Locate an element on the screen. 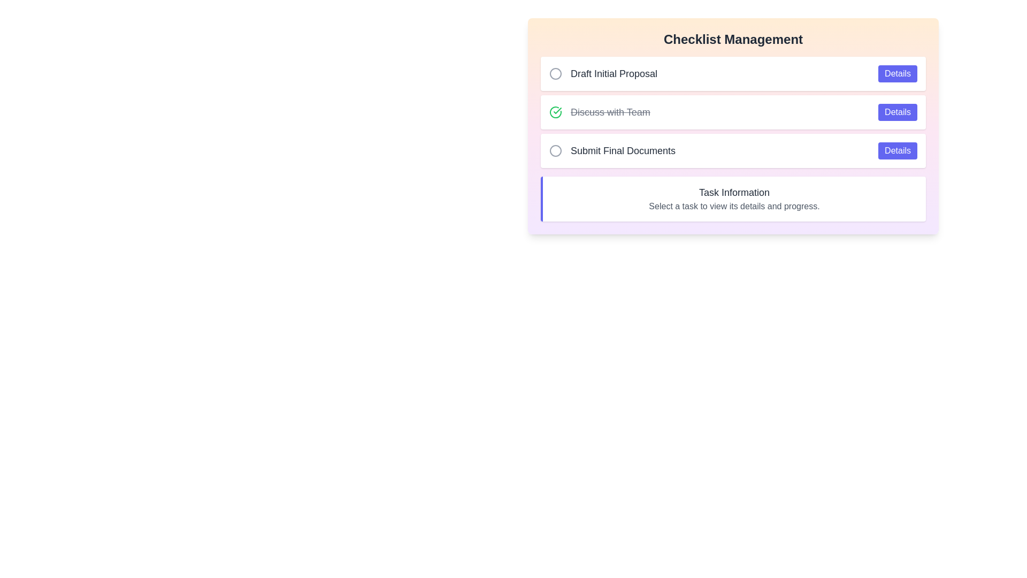 The width and height of the screenshot is (1027, 578). the 'Details' button for the task 'Submit Final Documents' is located at coordinates (898, 150).